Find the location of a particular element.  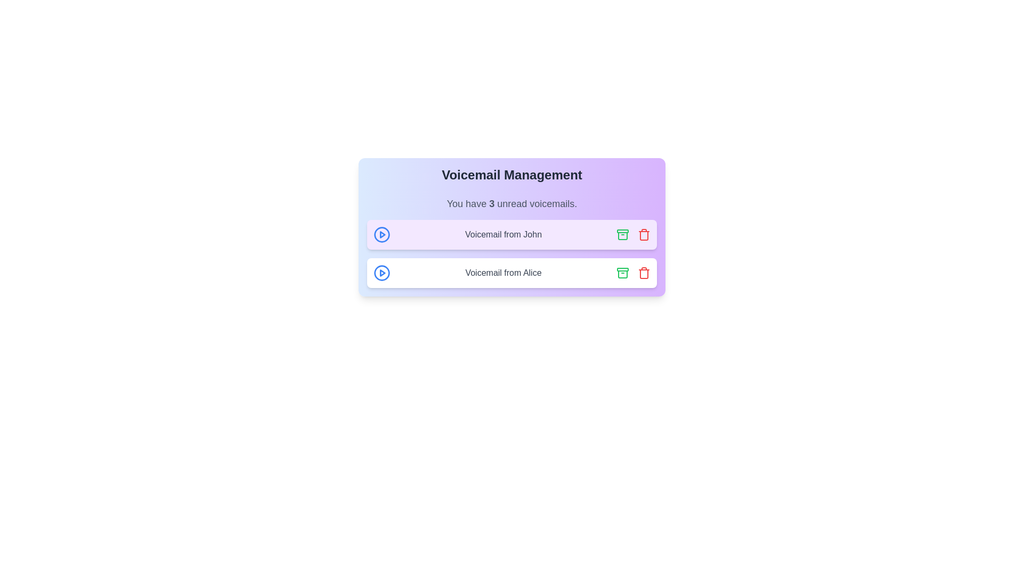

the delete button located at the extreme right of the second voicemail entry titled 'Voicemail from Alice' is located at coordinates (644, 273).